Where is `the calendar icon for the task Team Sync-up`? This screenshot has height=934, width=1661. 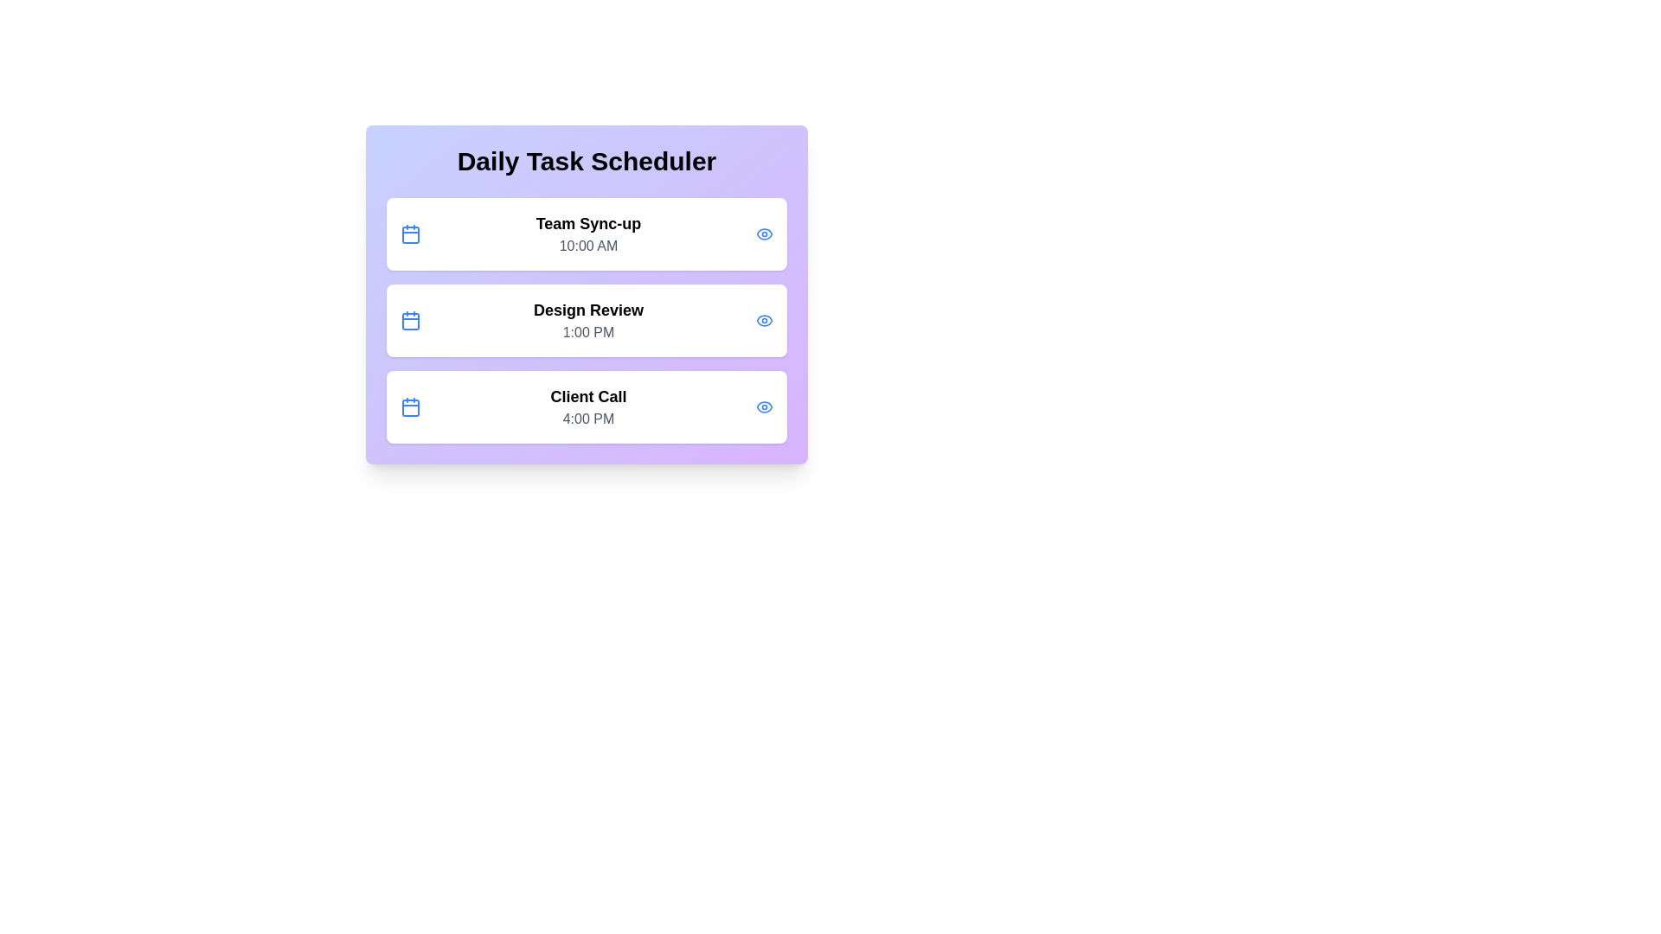 the calendar icon for the task Team Sync-up is located at coordinates (410, 233).